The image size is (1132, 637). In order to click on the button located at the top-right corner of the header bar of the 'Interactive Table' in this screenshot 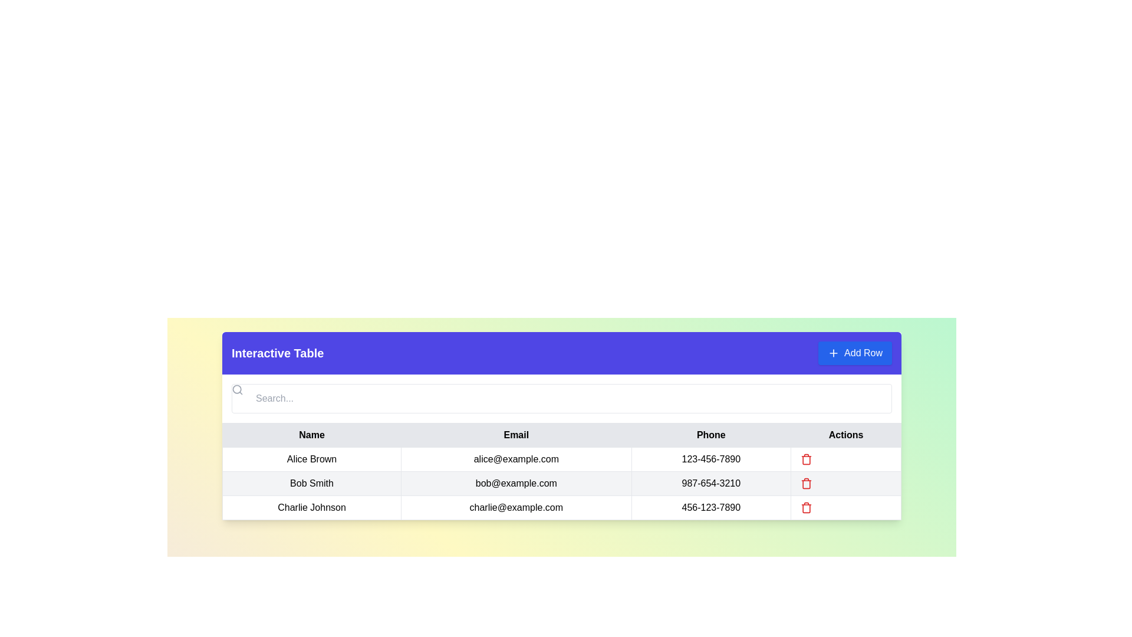, I will do `click(855, 352)`.